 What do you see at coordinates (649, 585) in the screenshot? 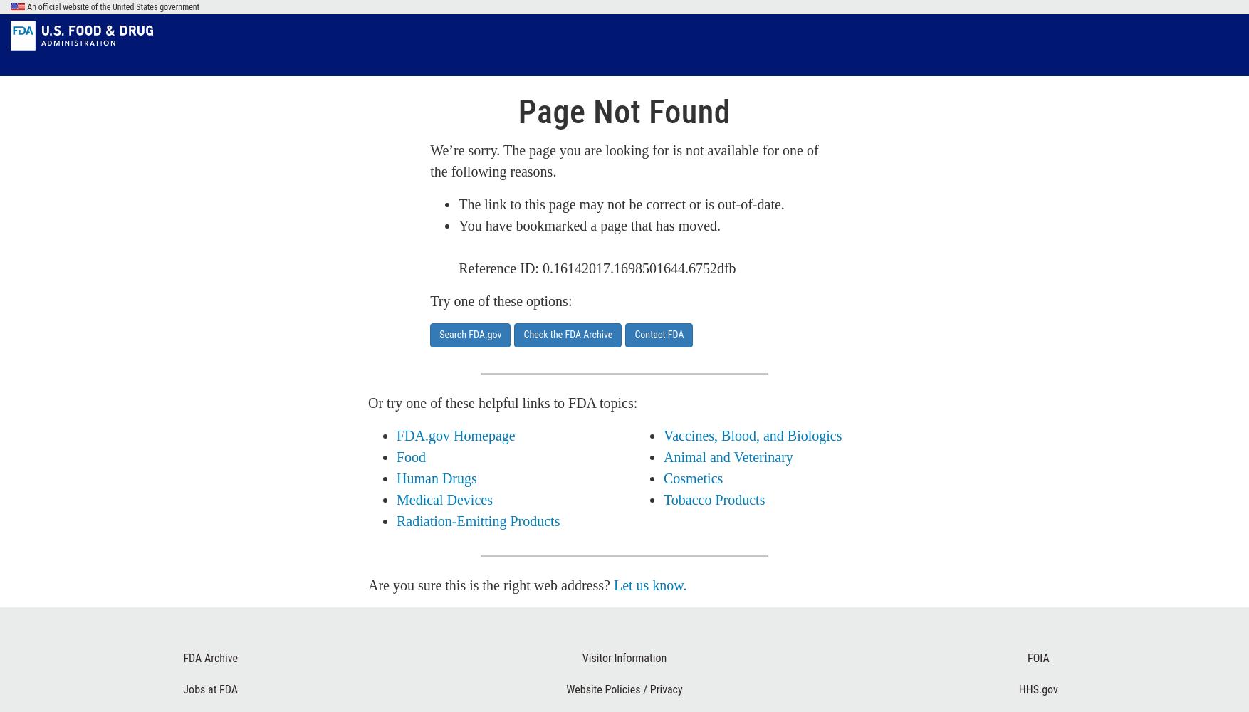
I see `'Let us know.'` at bounding box center [649, 585].